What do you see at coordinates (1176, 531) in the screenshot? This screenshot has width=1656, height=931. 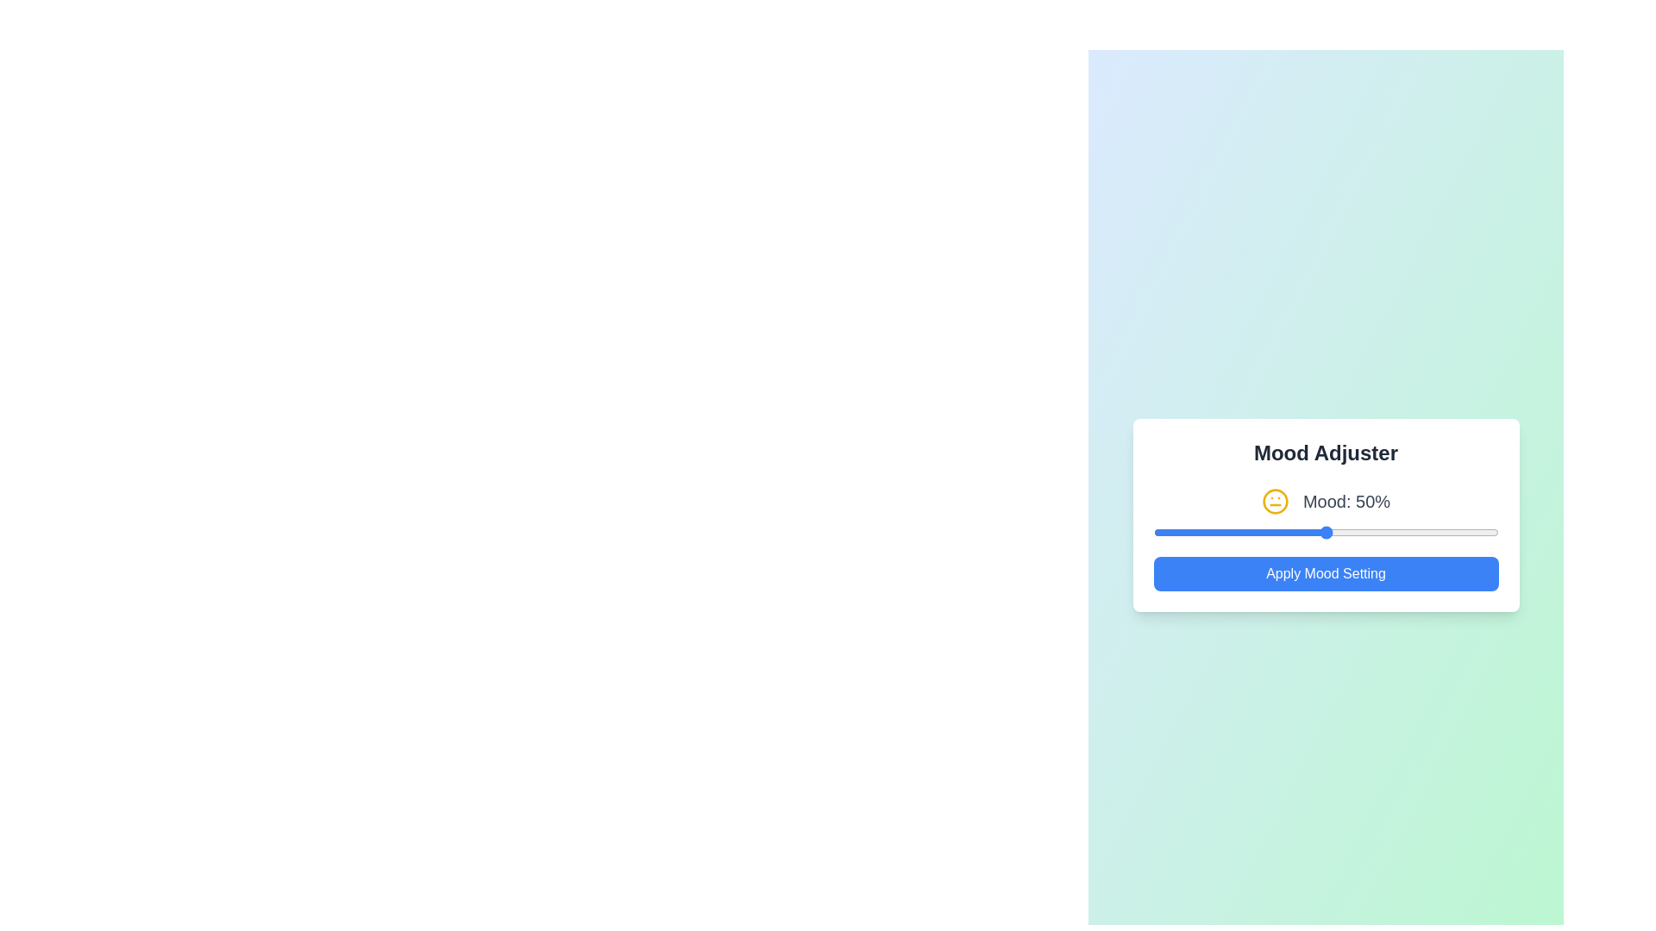 I see `the mood slider to set the mood value to 7%` at bounding box center [1176, 531].